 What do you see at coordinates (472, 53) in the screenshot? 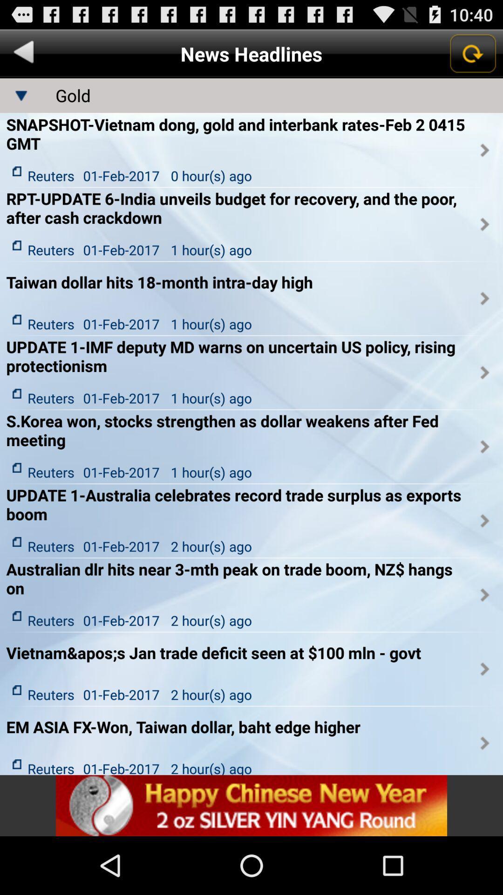
I see `refresh` at bounding box center [472, 53].